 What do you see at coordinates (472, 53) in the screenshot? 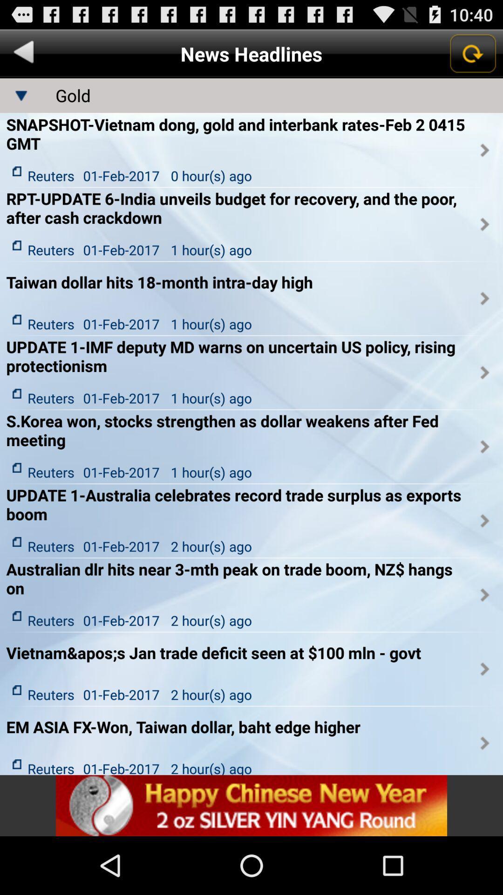
I see `refresh` at bounding box center [472, 53].